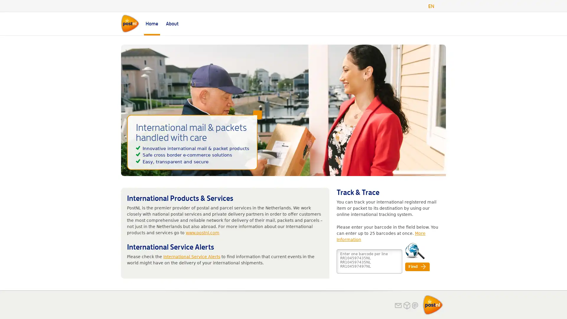 The image size is (567, 319). I want to click on Find, so click(417, 266).